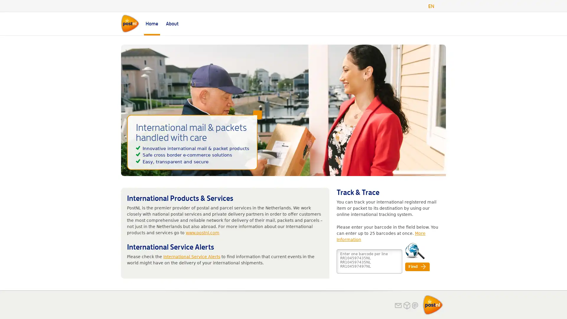 The image size is (567, 319). I want to click on Find, so click(417, 266).